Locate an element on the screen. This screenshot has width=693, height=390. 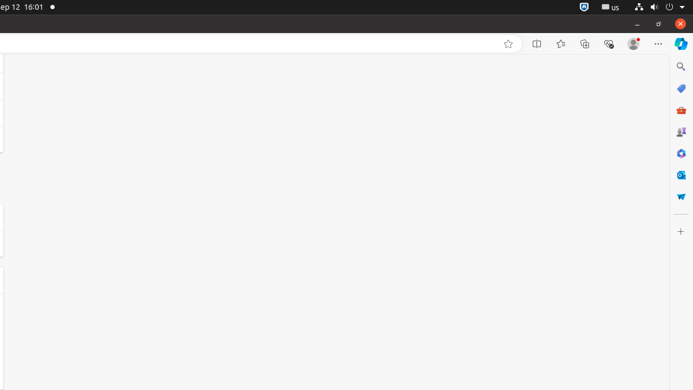
'Split screen' is located at coordinates (537, 43).